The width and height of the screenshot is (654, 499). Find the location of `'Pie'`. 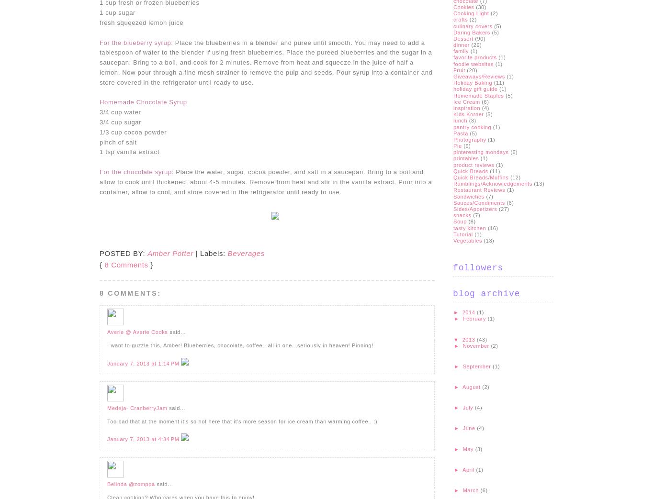

'Pie' is located at coordinates (457, 145).